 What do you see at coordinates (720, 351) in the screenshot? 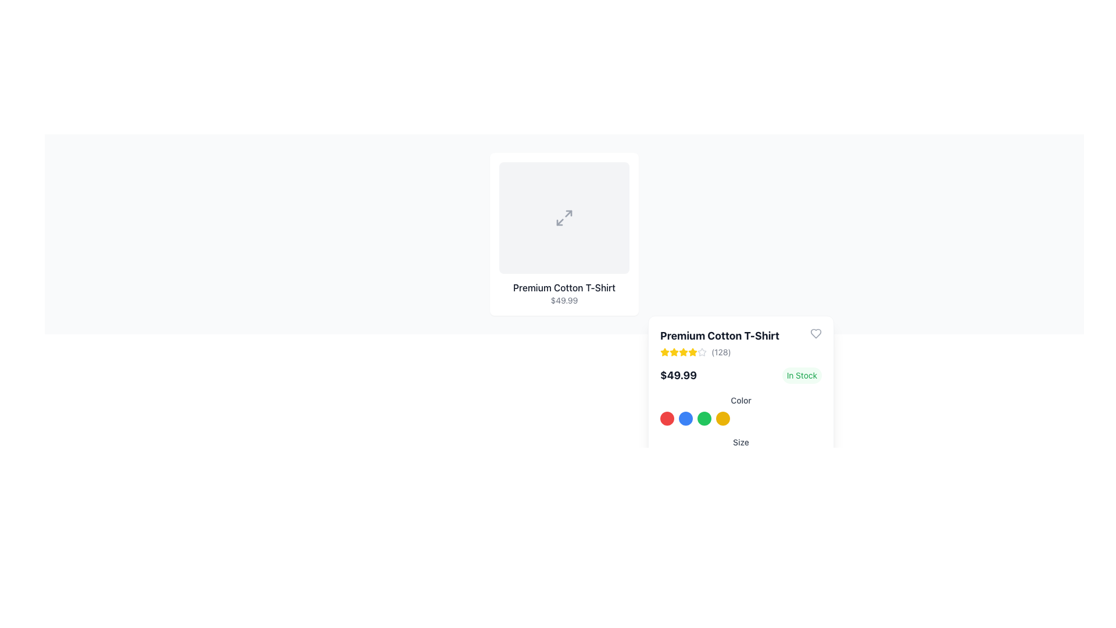
I see `numeric value displayed in the text label '(128)' which is positioned to the right of the gold star rating symbols` at bounding box center [720, 351].